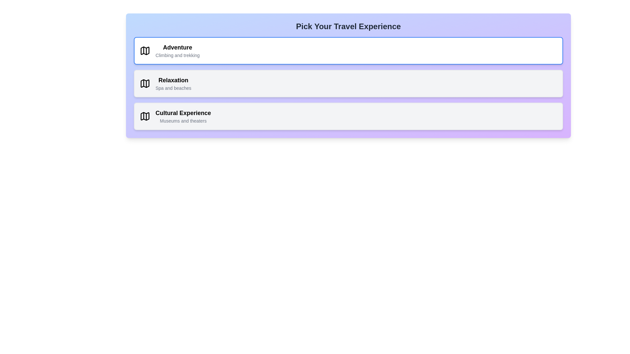  I want to click on icon representing the cultural experience located in the upper-left section of the 'Cultural Experience' card, adjacent to the text 'Cultural Experience', so click(144, 116).